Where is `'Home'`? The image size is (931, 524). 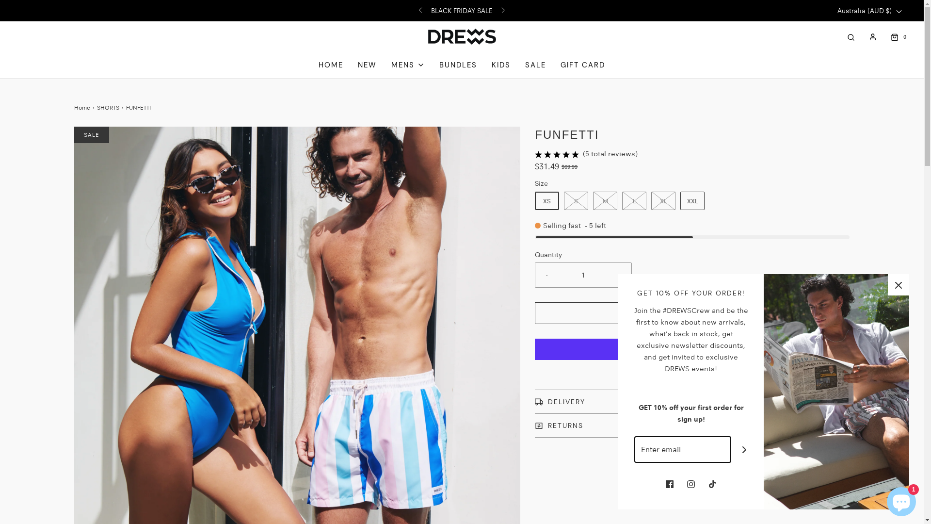 'Home' is located at coordinates (83, 107).